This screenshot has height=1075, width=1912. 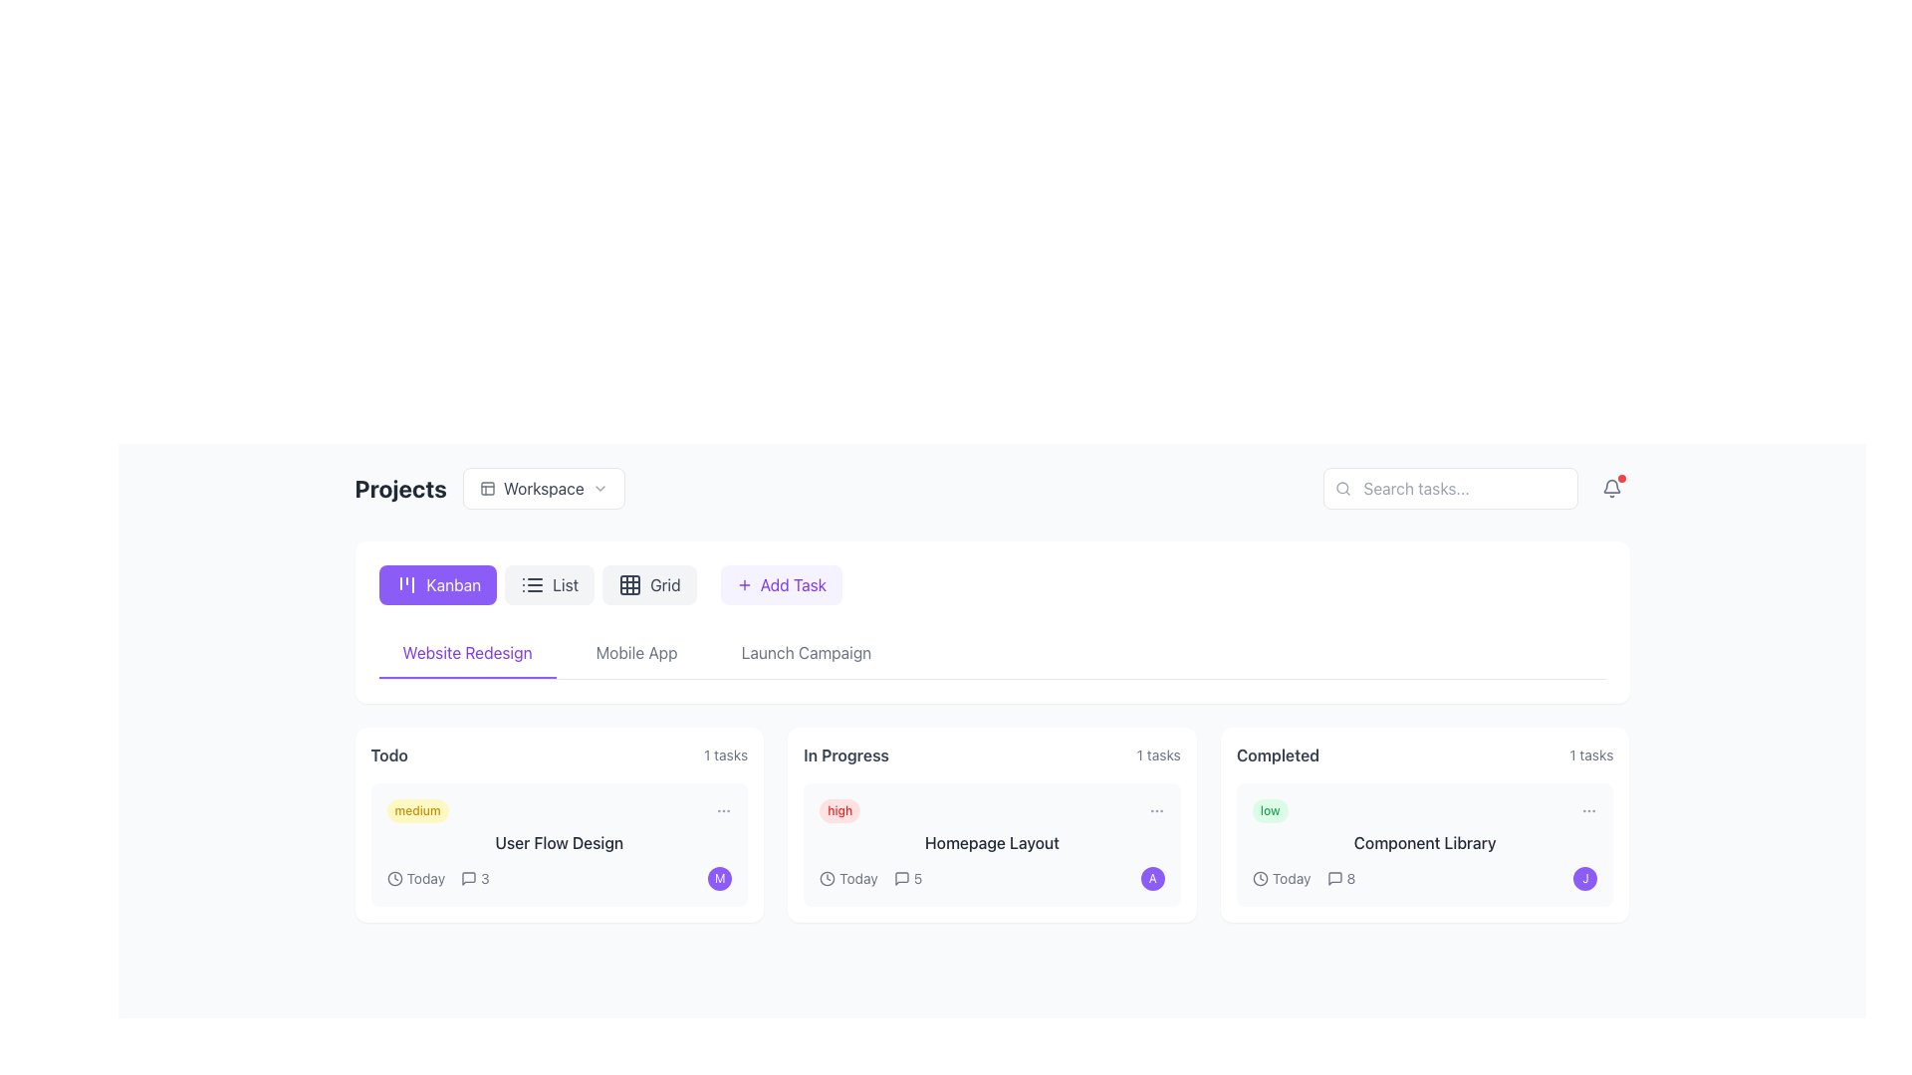 I want to click on the task card labeled 'Completed' in the Kanban board, so click(x=1423, y=825).